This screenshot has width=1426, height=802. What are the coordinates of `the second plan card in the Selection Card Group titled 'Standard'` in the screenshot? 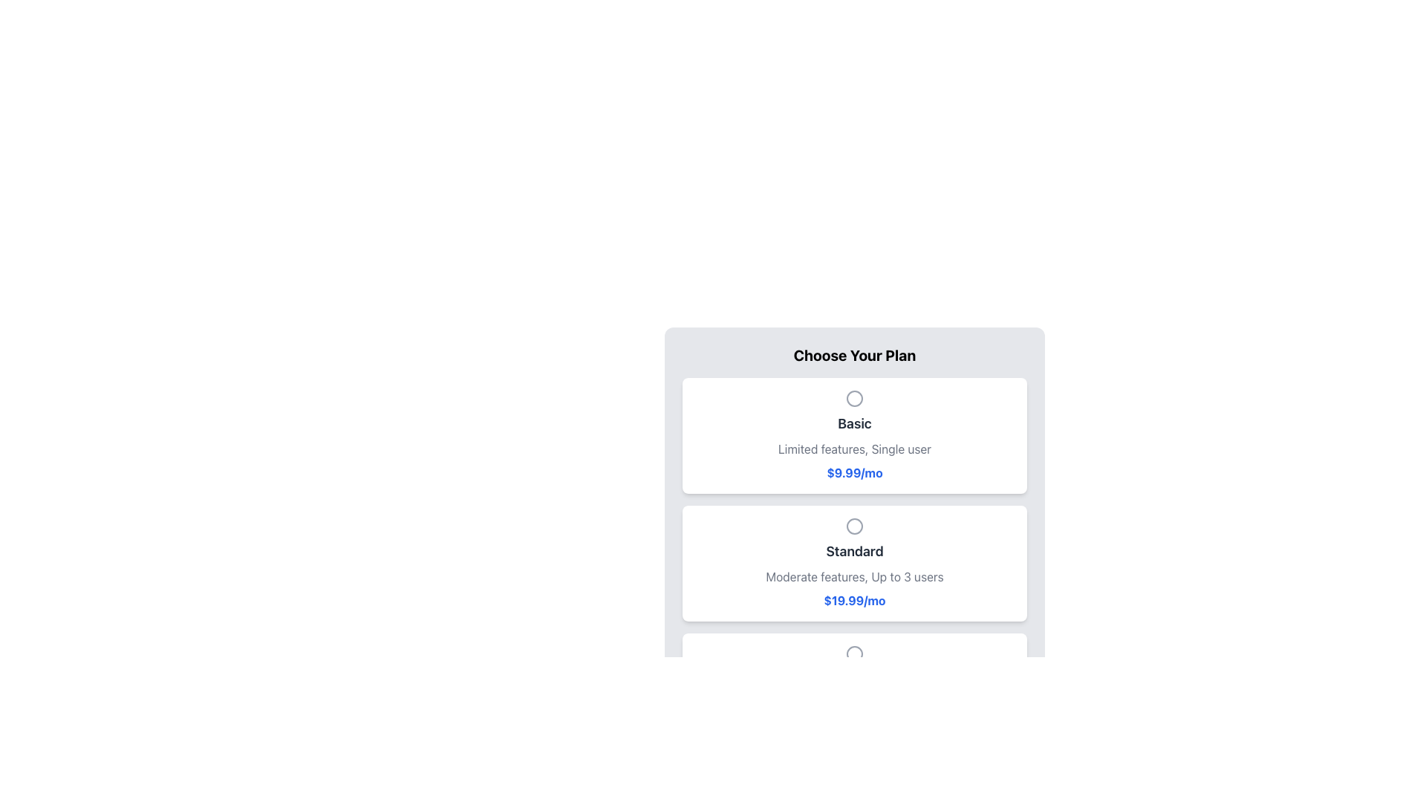 It's located at (855, 564).